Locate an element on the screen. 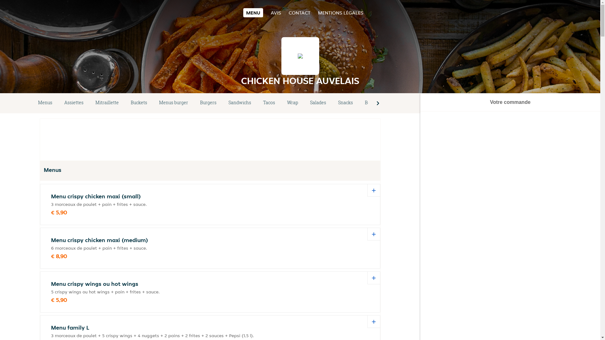 The width and height of the screenshot is (605, 340). 'AVIS' is located at coordinates (271, 13).